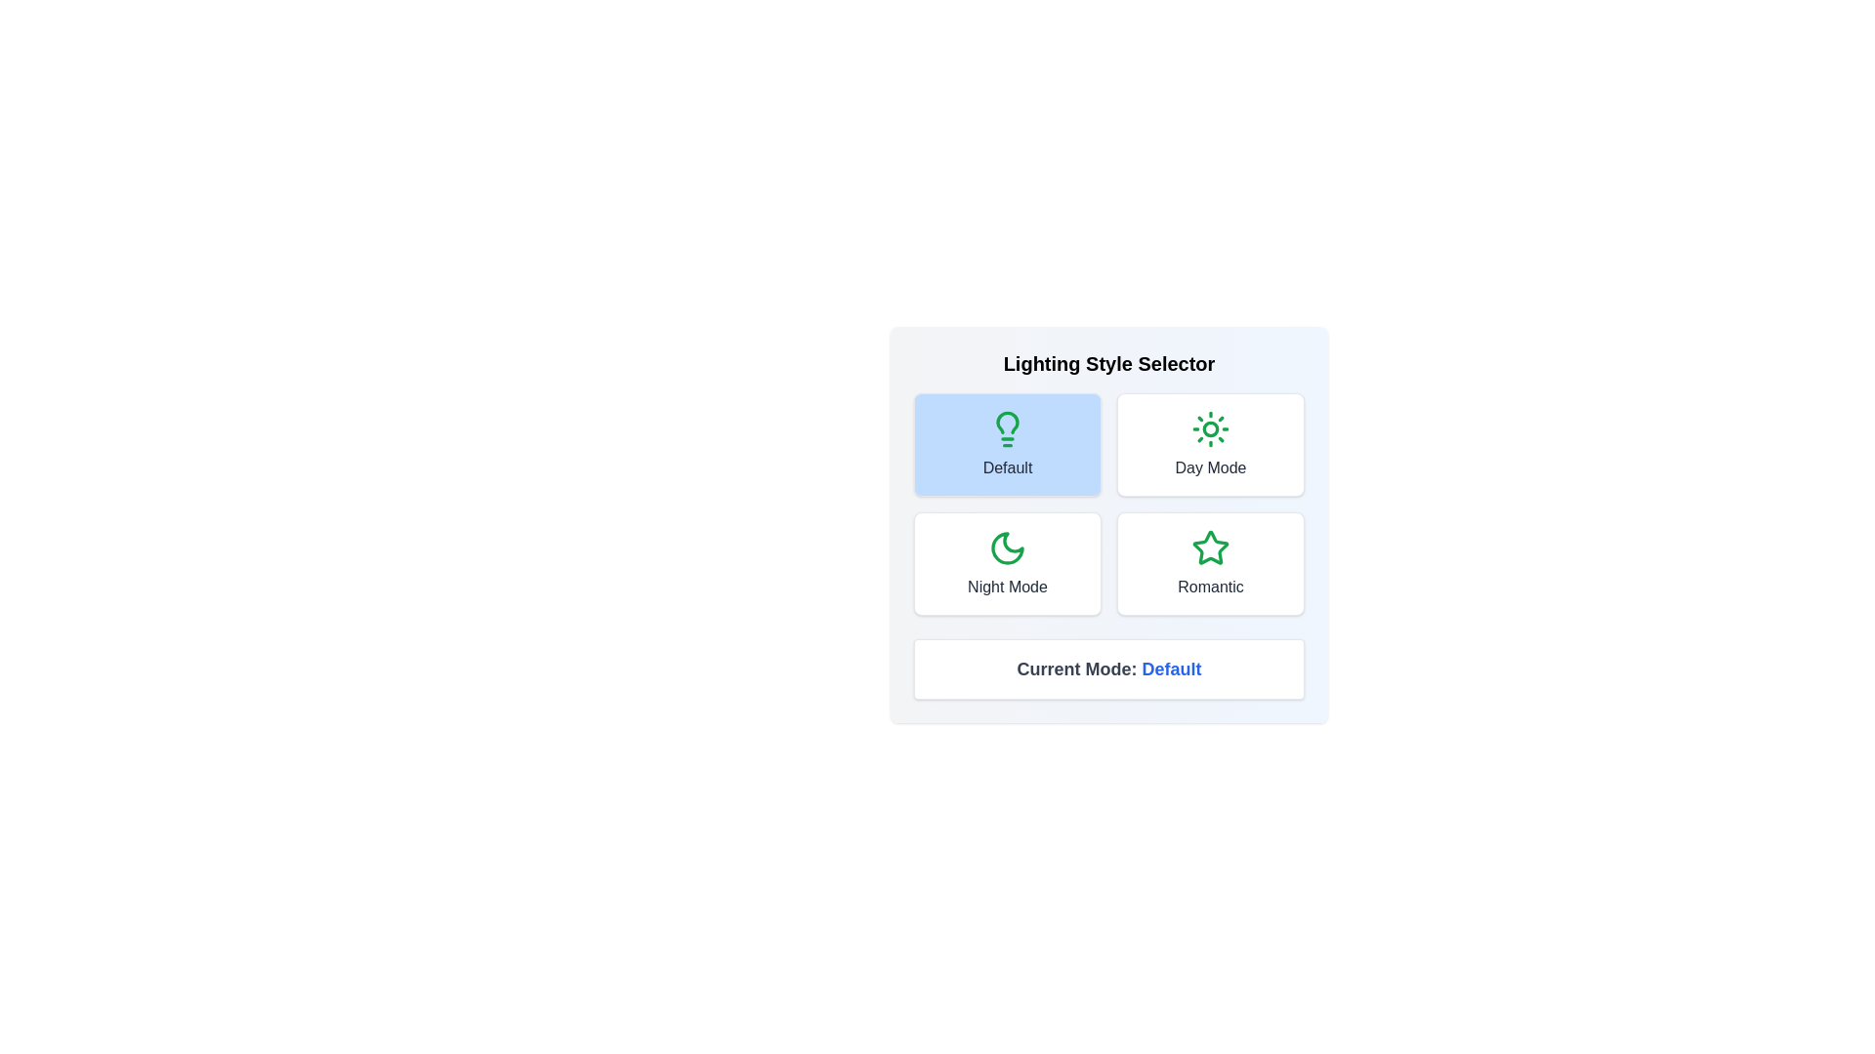 The image size is (1875, 1054). What do you see at coordinates (1209, 564) in the screenshot?
I see `the button corresponding to the lighting mode Romantic` at bounding box center [1209, 564].